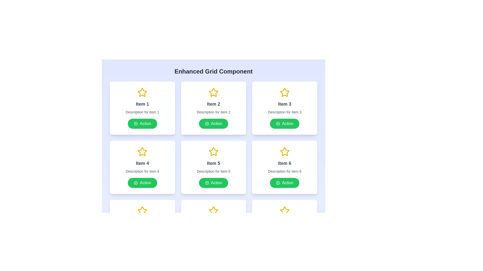  What do you see at coordinates (285, 108) in the screenshot?
I see `yellow star icon at the top of the Card with the label 'Item 3'` at bounding box center [285, 108].